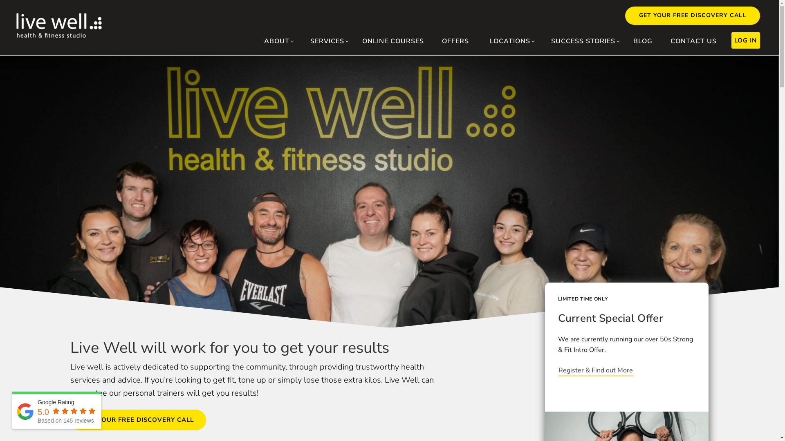 The image size is (785, 441). What do you see at coordinates (304, 41) in the screenshot?
I see `'SERVICES'` at bounding box center [304, 41].